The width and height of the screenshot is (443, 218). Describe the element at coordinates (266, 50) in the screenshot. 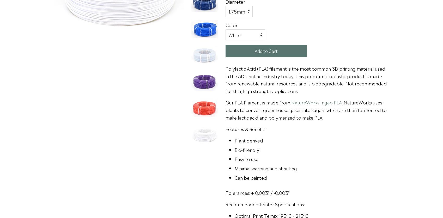

I see `'Add to Cart'` at that location.